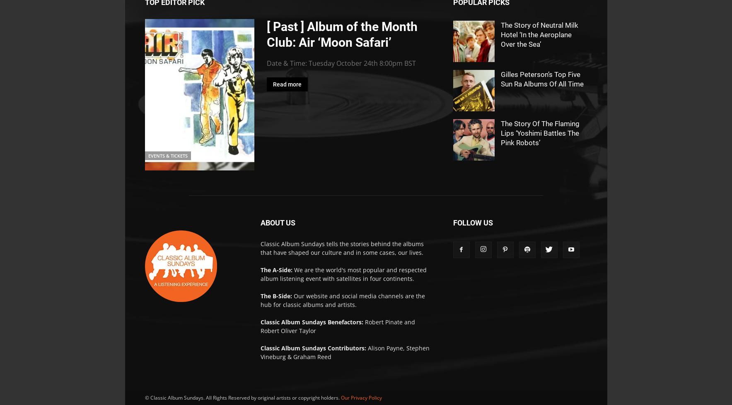 The height and width of the screenshot is (405, 732). What do you see at coordinates (539, 133) in the screenshot?
I see `'The Story Of The Flaming Lips ‘Yoshimi Battles The Pink Robots’'` at bounding box center [539, 133].